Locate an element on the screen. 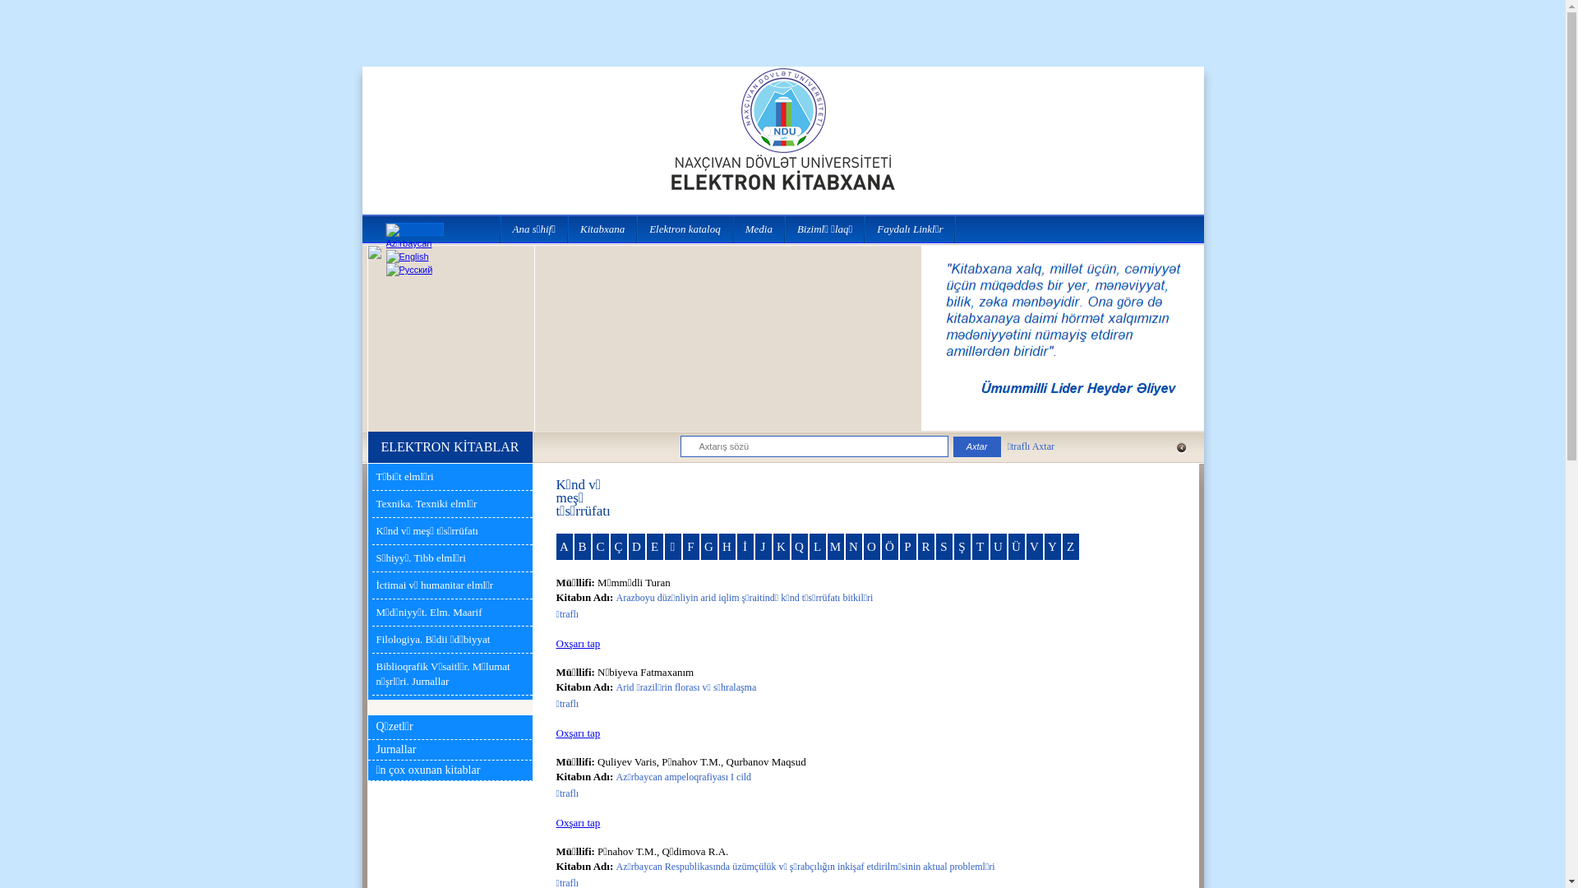 This screenshot has width=1578, height=888. 'T' is located at coordinates (980, 546).